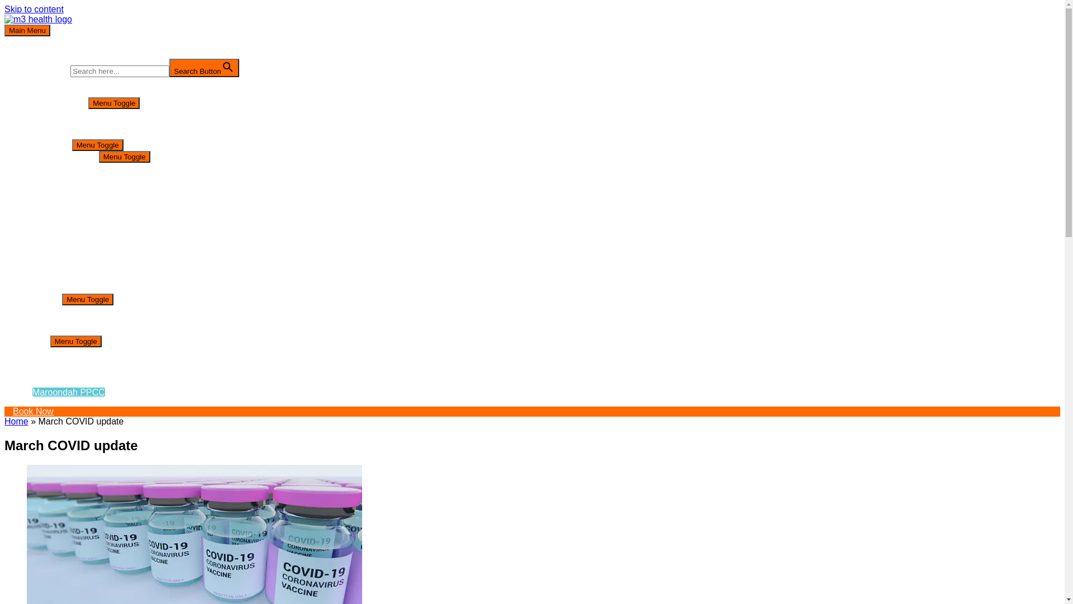  I want to click on 'Search Button', so click(203, 68).